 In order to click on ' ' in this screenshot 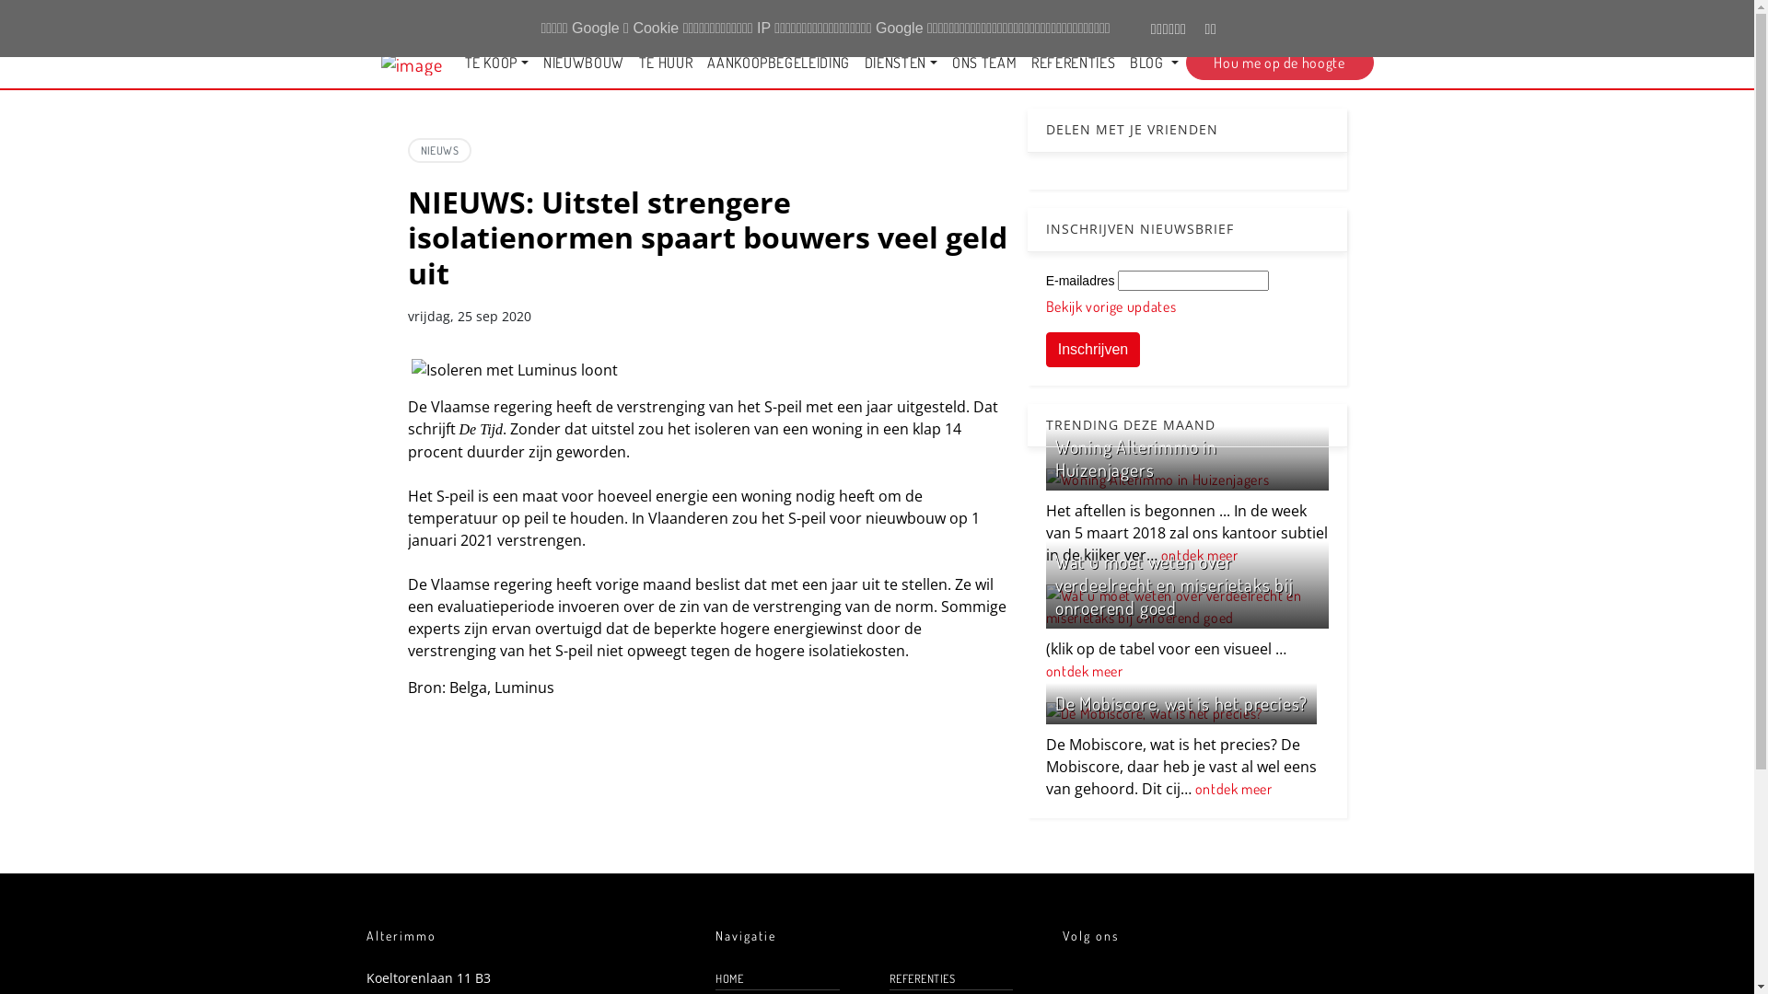, I will do `click(1317, 17)`.